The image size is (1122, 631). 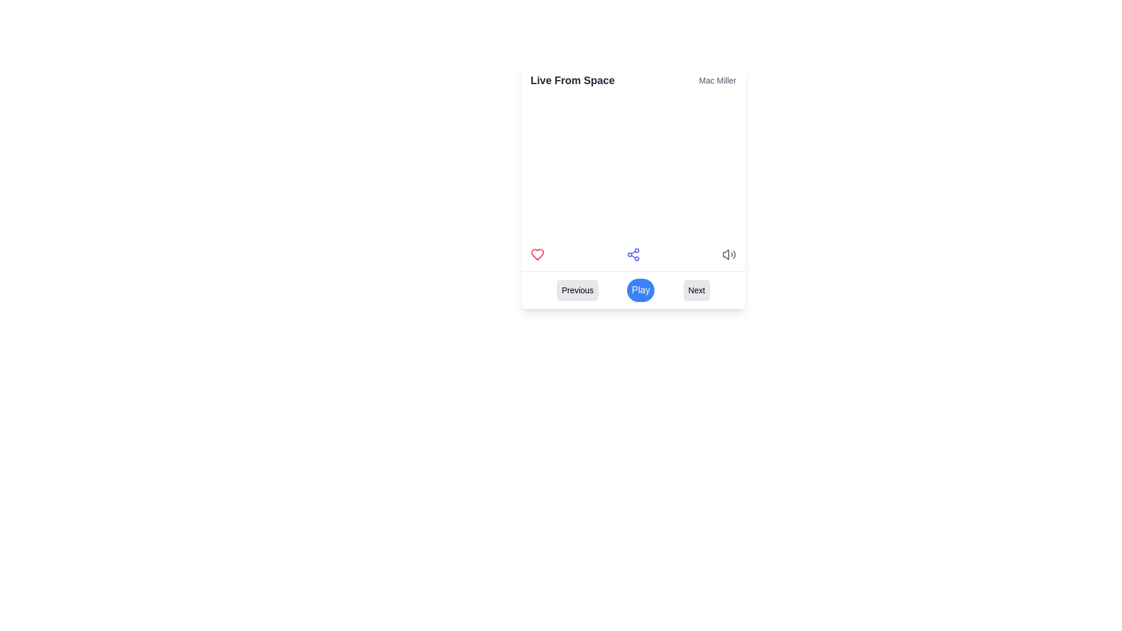 I want to click on the circular blue 'Play' button with white text, located in the middle of the button group at the bottom of the interface, so click(x=640, y=290).